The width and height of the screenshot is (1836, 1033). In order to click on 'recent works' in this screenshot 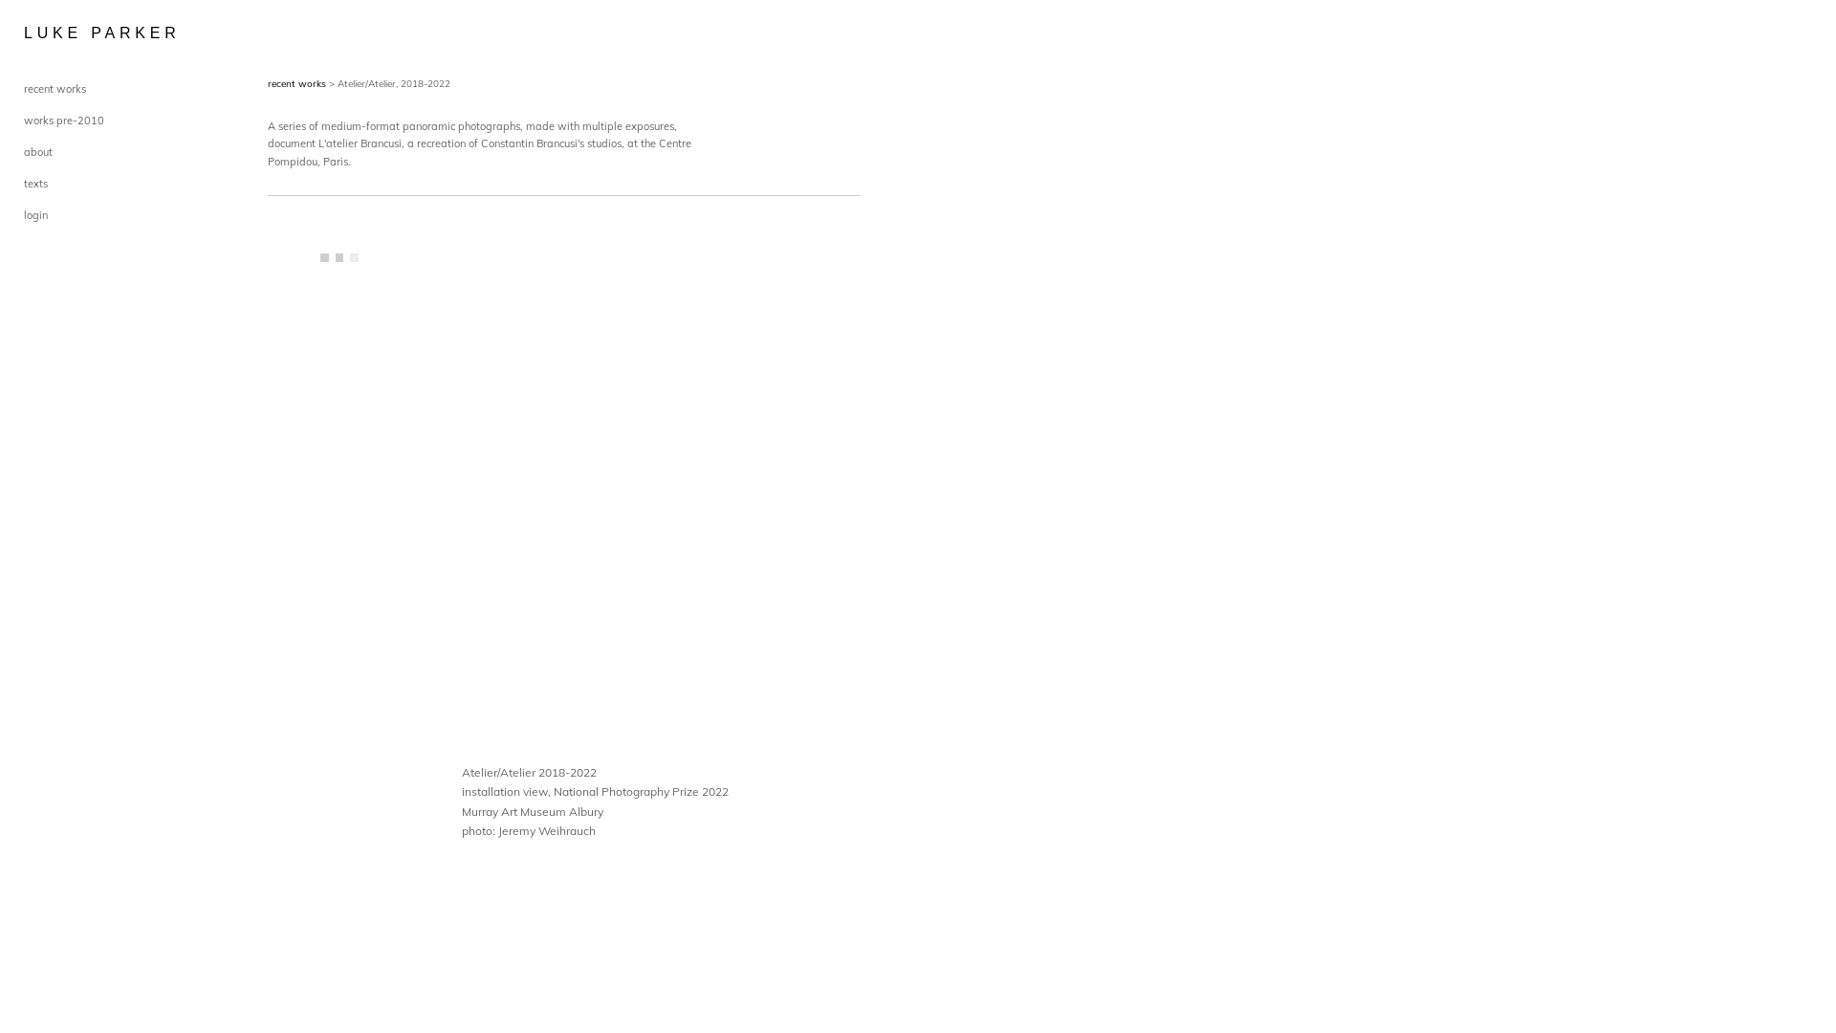, I will do `click(266, 82)`.